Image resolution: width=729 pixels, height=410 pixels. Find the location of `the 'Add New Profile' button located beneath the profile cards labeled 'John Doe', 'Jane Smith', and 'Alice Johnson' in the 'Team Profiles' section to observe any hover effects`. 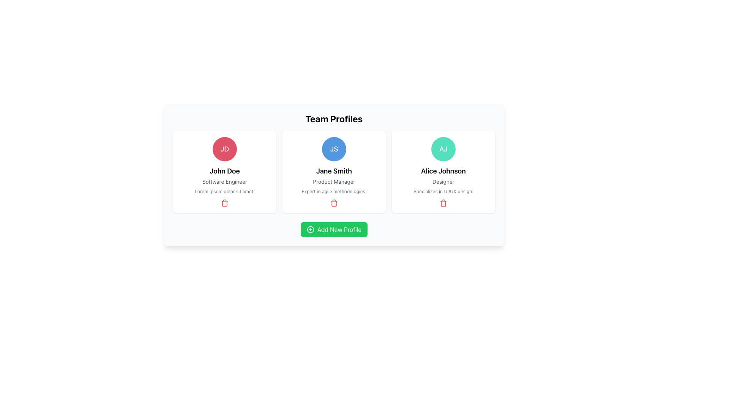

the 'Add New Profile' button located beneath the profile cards labeled 'John Doe', 'Jane Smith', and 'Alice Johnson' in the 'Team Profiles' section to observe any hover effects is located at coordinates (334, 229).